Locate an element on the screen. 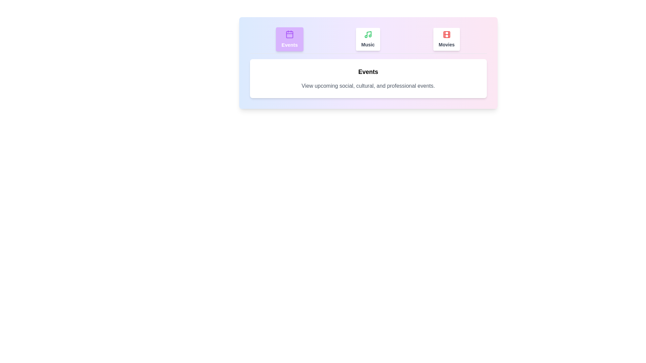 This screenshot has height=363, width=646. the Music tab by clicking on it is located at coordinates (367, 39).